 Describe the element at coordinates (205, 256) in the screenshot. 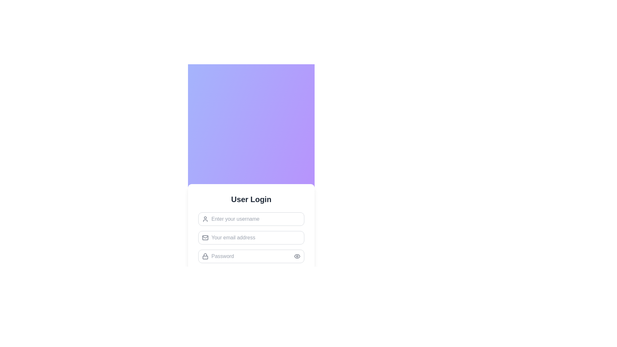

I see `the lock icon located on the left side of the password input field, which indicates a secure entry area for sensitive information` at that location.